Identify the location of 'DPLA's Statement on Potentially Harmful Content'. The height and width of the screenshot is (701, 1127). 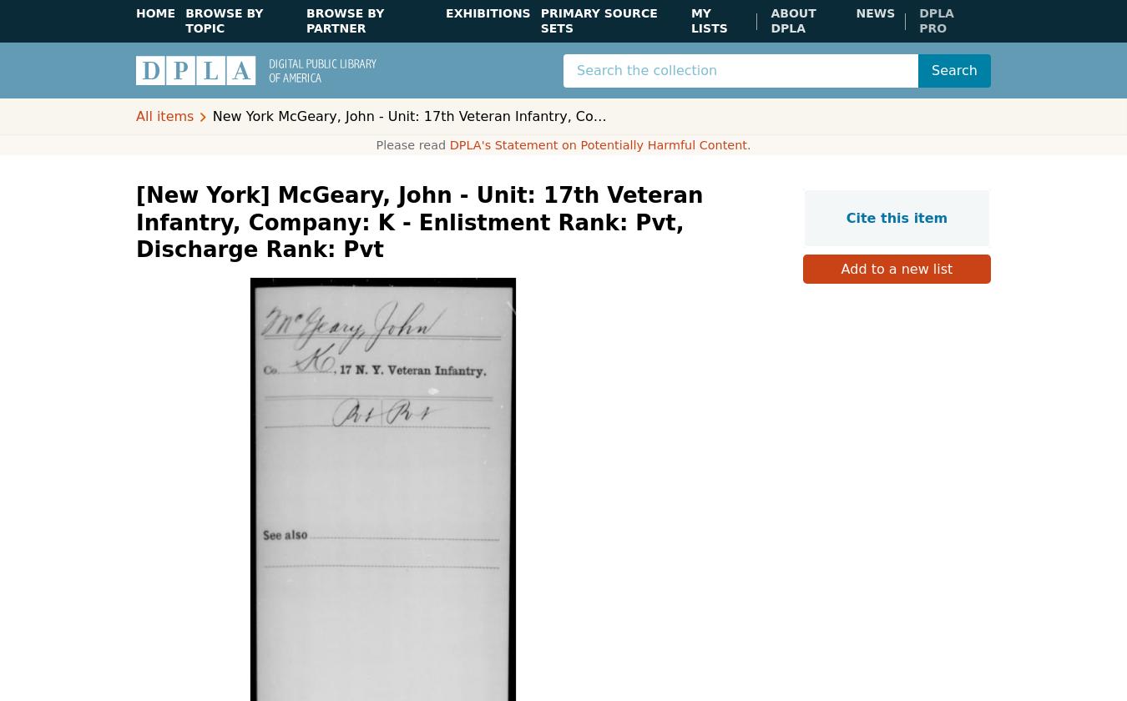
(597, 144).